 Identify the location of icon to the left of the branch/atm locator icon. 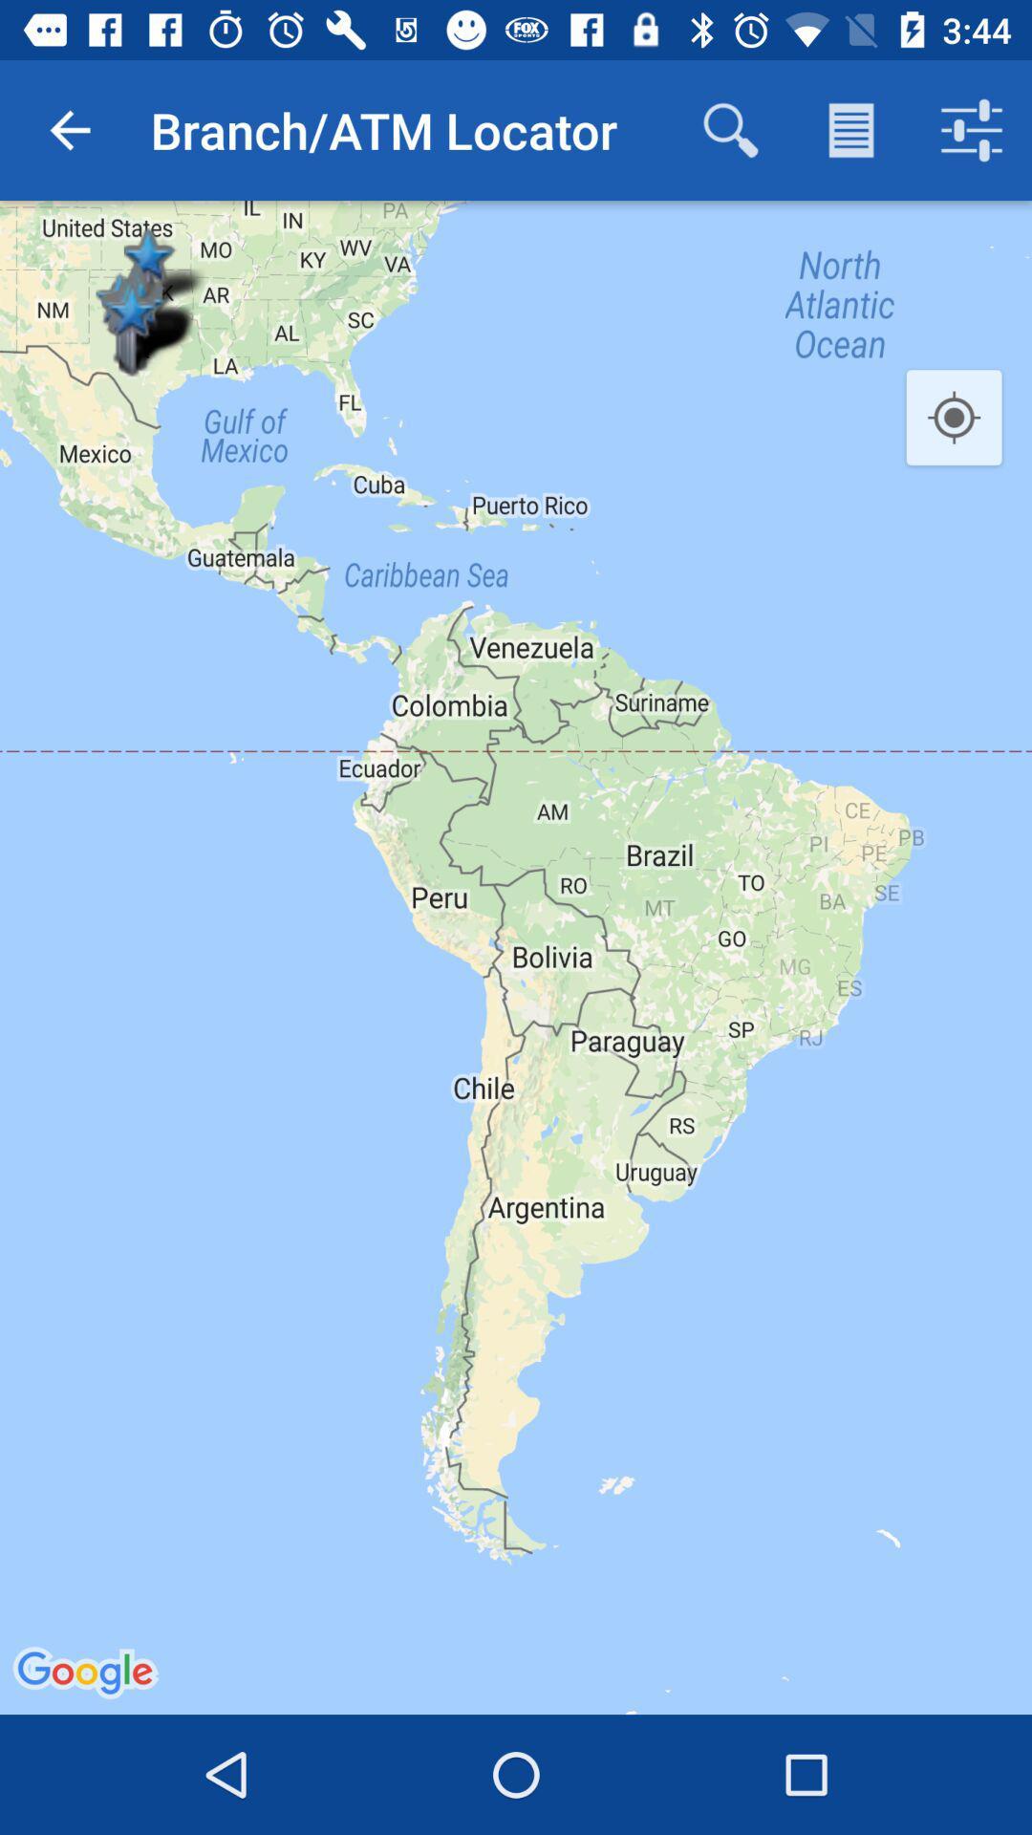
(69, 129).